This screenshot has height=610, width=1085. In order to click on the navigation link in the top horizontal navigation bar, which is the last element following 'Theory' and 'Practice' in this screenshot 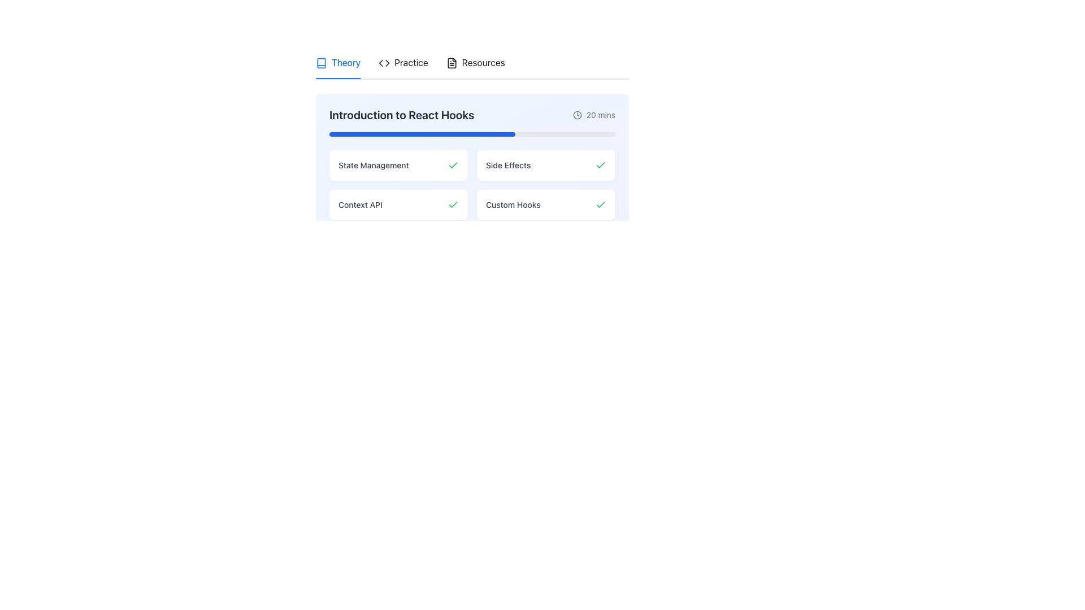, I will do `click(483, 63)`.